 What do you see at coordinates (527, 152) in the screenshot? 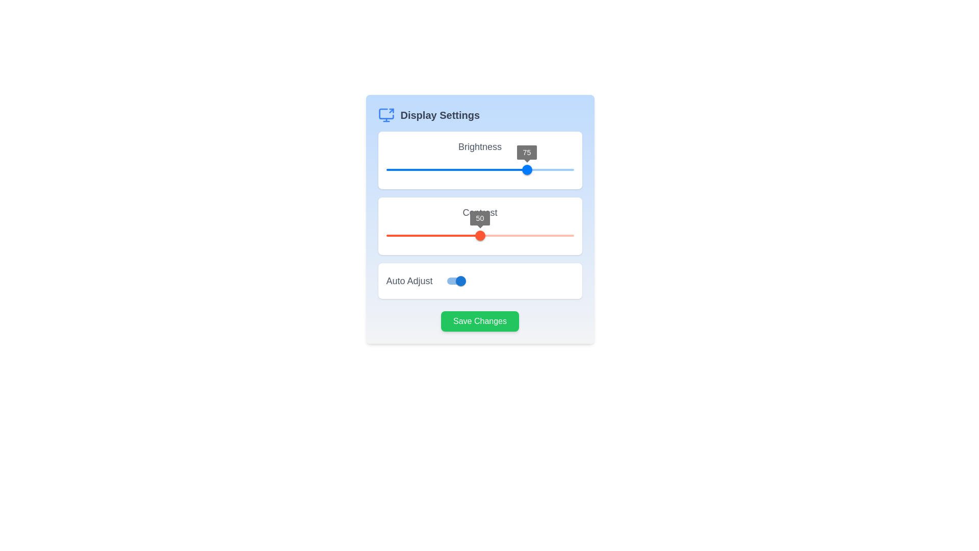
I see `the Tooltip or Value Label that displays the current value of the 'Brightness' slider, positioned above the slider thumb at approximately 75% of its range` at bounding box center [527, 152].